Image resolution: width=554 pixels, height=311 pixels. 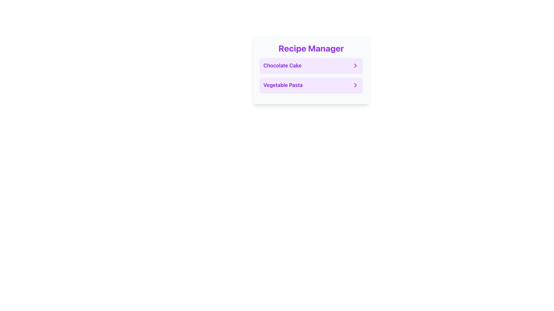 I want to click on the bold, large-sized purple text displaying 'Recipe Manager', so click(x=311, y=48).